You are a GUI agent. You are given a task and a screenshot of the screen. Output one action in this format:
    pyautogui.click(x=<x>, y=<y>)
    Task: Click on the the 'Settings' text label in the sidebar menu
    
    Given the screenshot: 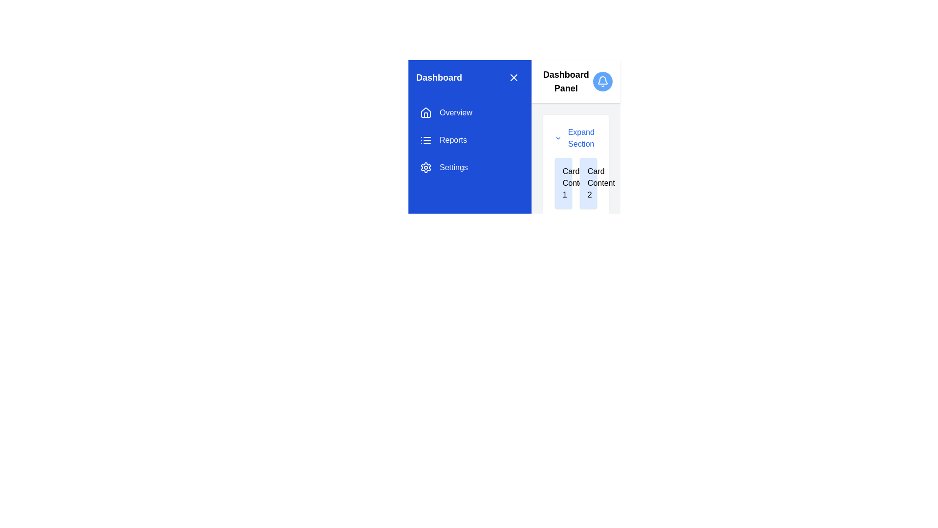 What is the action you would take?
    pyautogui.click(x=453, y=167)
    